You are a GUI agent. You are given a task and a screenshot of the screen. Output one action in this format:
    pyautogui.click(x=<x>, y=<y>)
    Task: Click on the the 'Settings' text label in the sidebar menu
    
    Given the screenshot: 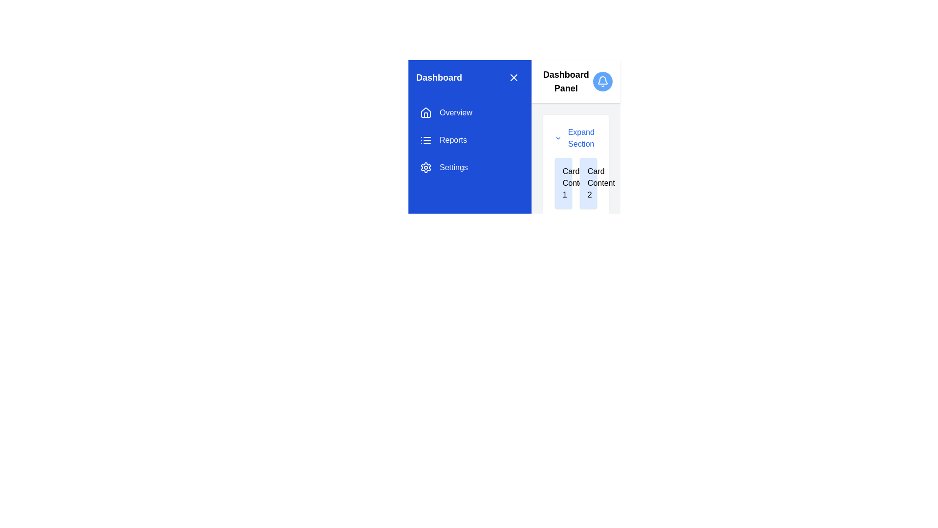 What is the action you would take?
    pyautogui.click(x=453, y=167)
    